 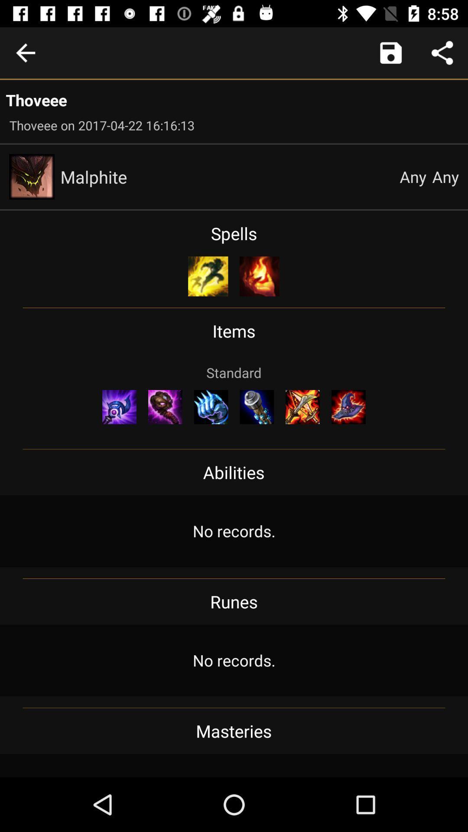 What do you see at coordinates (442, 52) in the screenshot?
I see `share the page` at bounding box center [442, 52].